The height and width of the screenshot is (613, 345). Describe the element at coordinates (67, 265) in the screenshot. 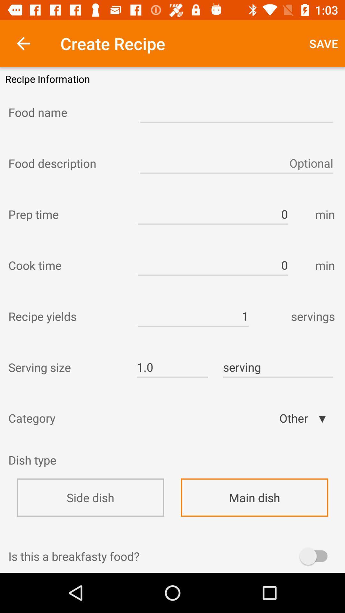

I see `cook time icon` at that location.